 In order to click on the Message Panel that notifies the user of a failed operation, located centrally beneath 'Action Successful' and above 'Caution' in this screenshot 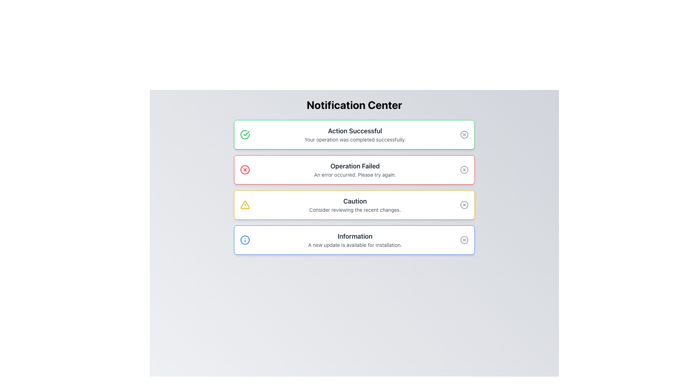, I will do `click(354, 170)`.